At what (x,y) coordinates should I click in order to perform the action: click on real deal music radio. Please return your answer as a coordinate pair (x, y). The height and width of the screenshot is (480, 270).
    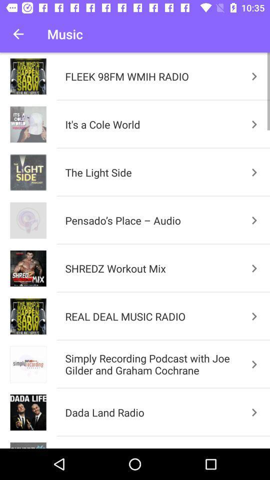
    Looking at the image, I should click on (254, 316).